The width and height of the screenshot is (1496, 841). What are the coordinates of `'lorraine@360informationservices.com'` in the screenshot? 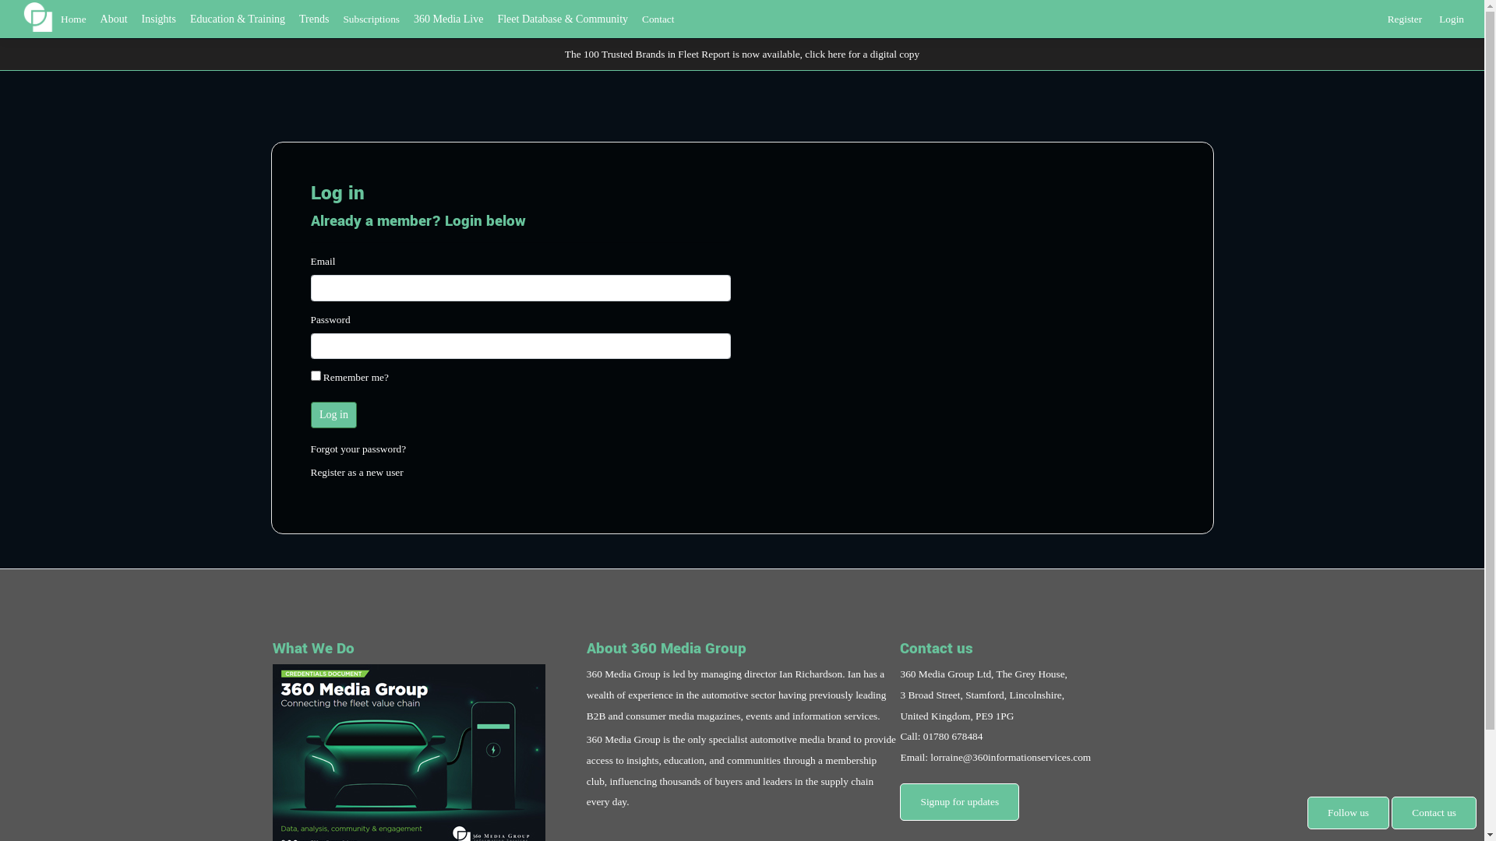 It's located at (1010, 756).